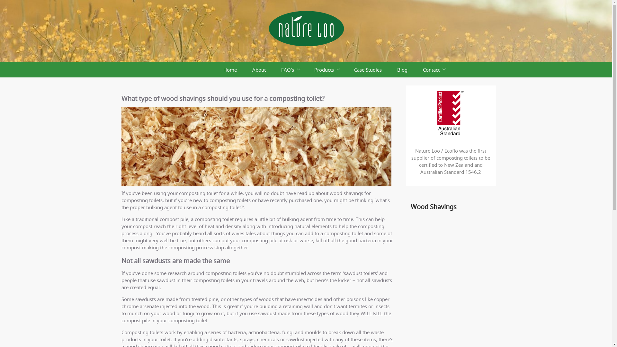  What do you see at coordinates (326, 69) in the screenshot?
I see `'Products'` at bounding box center [326, 69].